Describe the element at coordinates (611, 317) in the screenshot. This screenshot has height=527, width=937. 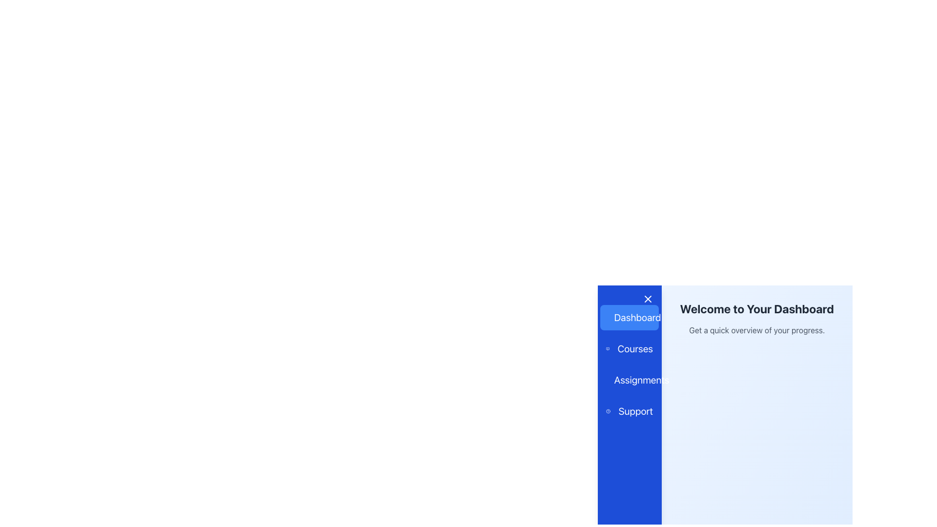
I see `the house-shaped icon located in the left-side menu panel, beside the 'Dashboard' label` at that location.